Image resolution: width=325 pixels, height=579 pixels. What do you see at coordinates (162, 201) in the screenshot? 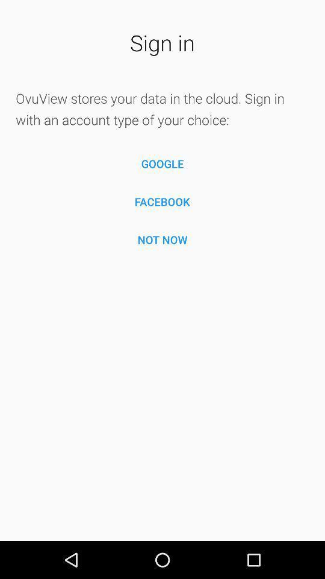
I see `item above not now item` at bounding box center [162, 201].